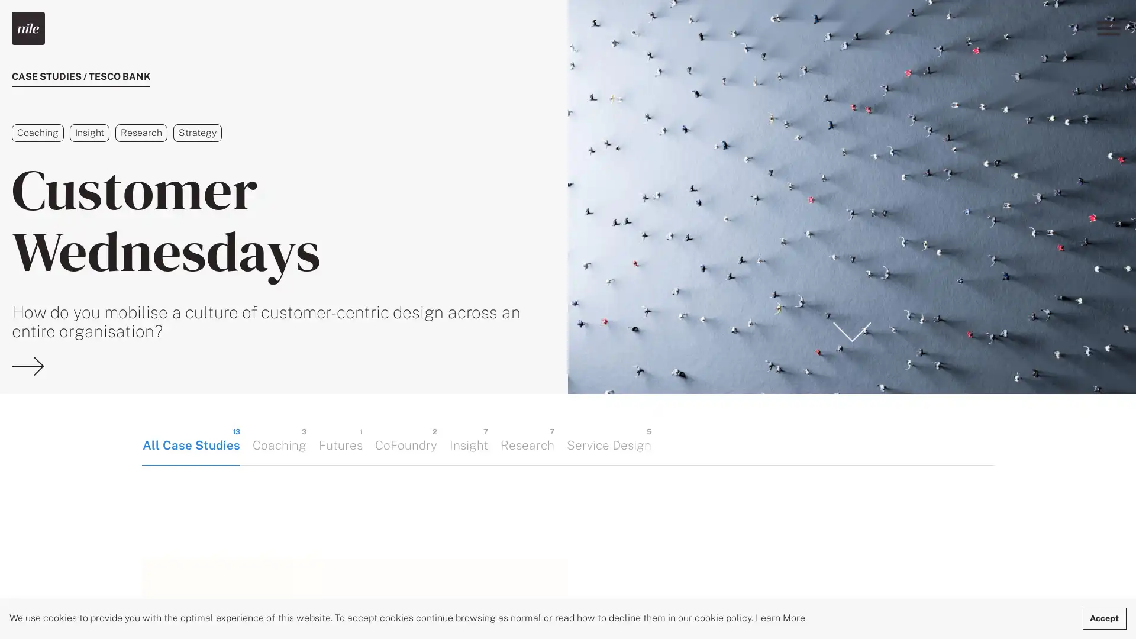 This screenshot has height=639, width=1136. What do you see at coordinates (1108, 27) in the screenshot?
I see `Menu` at bounding box center [1108, 27].